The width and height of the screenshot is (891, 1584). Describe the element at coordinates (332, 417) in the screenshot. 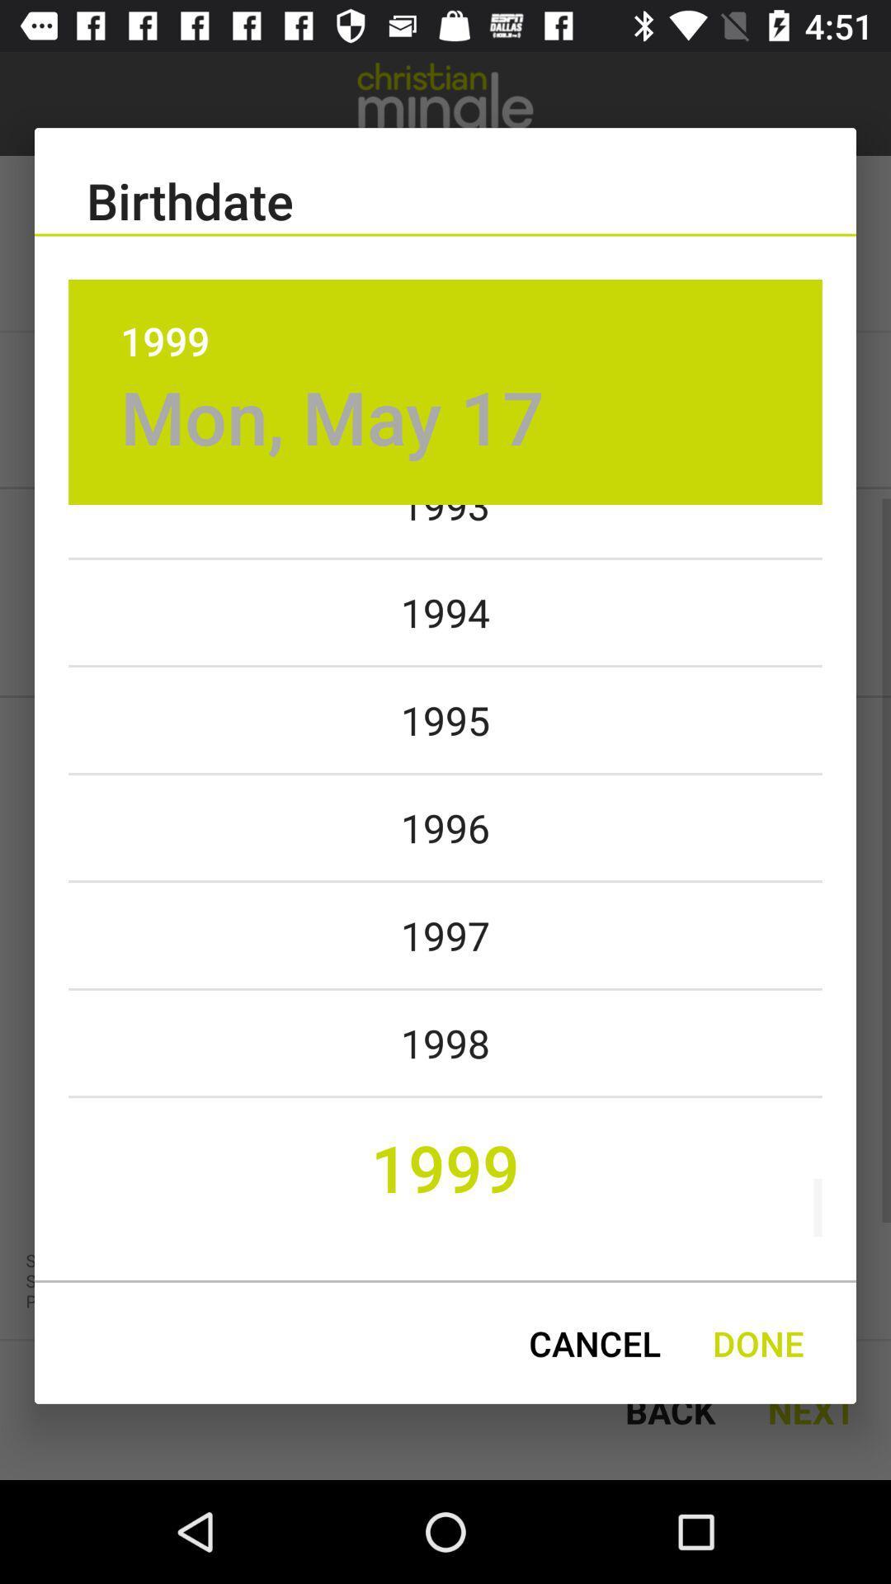

I see `the mon, may 17` at that location.